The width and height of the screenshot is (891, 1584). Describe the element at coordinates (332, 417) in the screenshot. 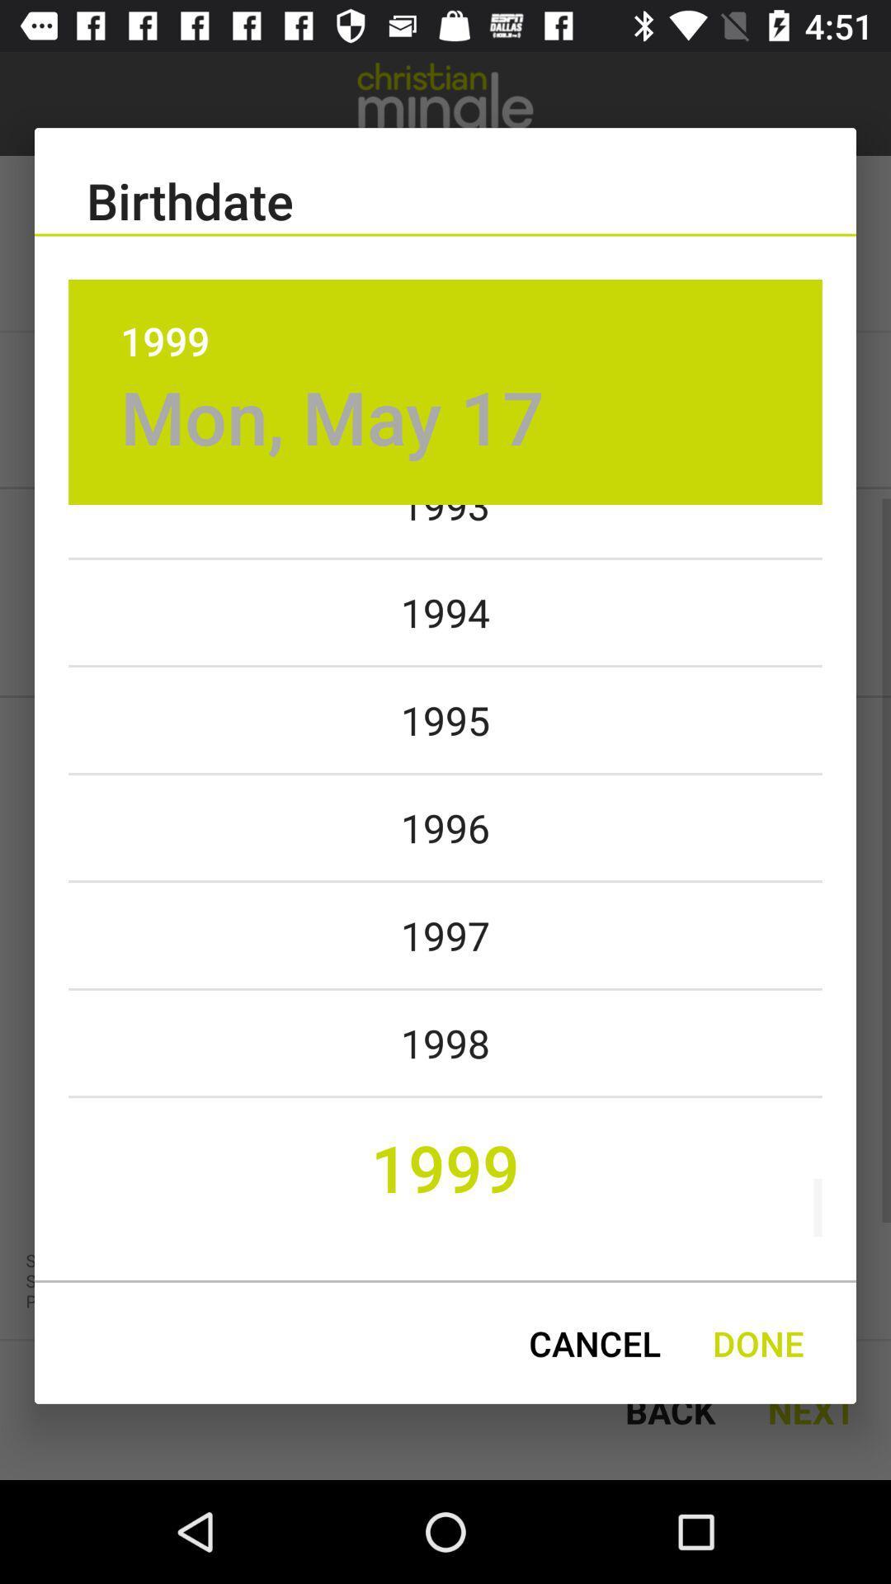

I see `the mon, may 17` at that location.